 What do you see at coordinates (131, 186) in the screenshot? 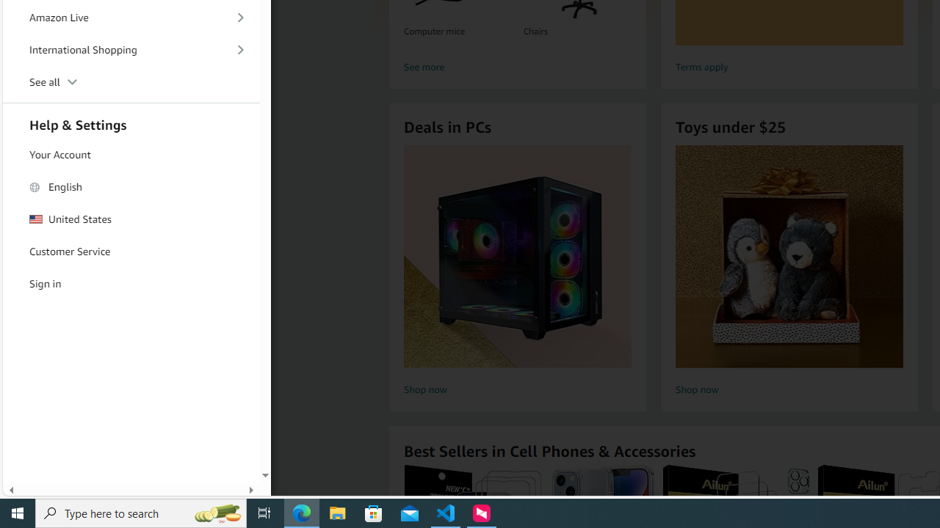
I see `'English'` at bounding box center [131, 186].